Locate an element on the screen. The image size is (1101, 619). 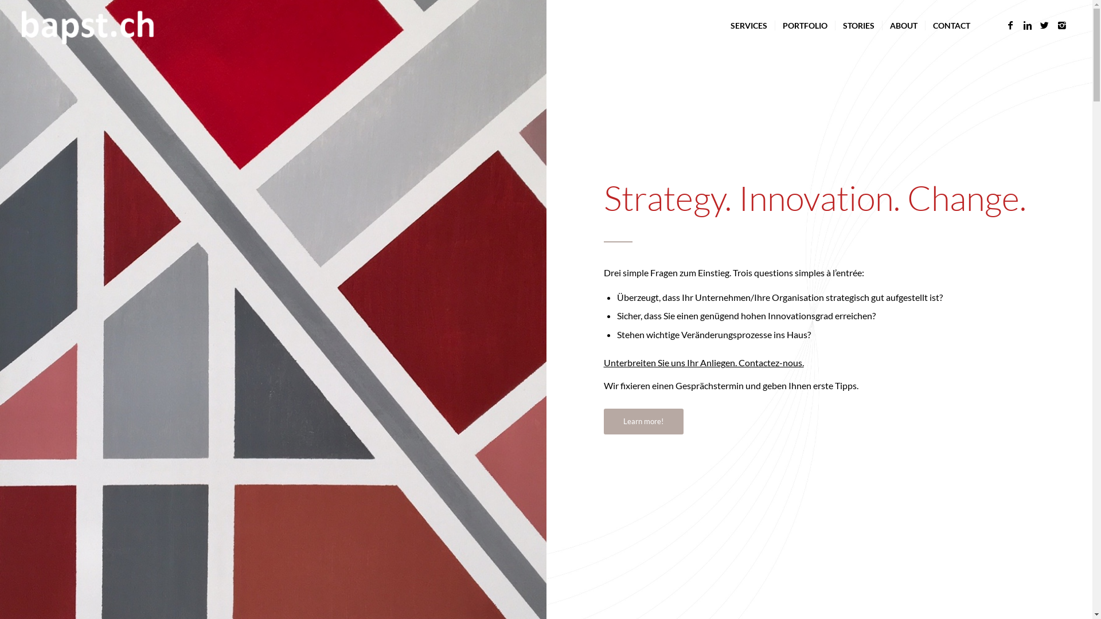
'Linkedin' is located at coordinates (1027, 25).